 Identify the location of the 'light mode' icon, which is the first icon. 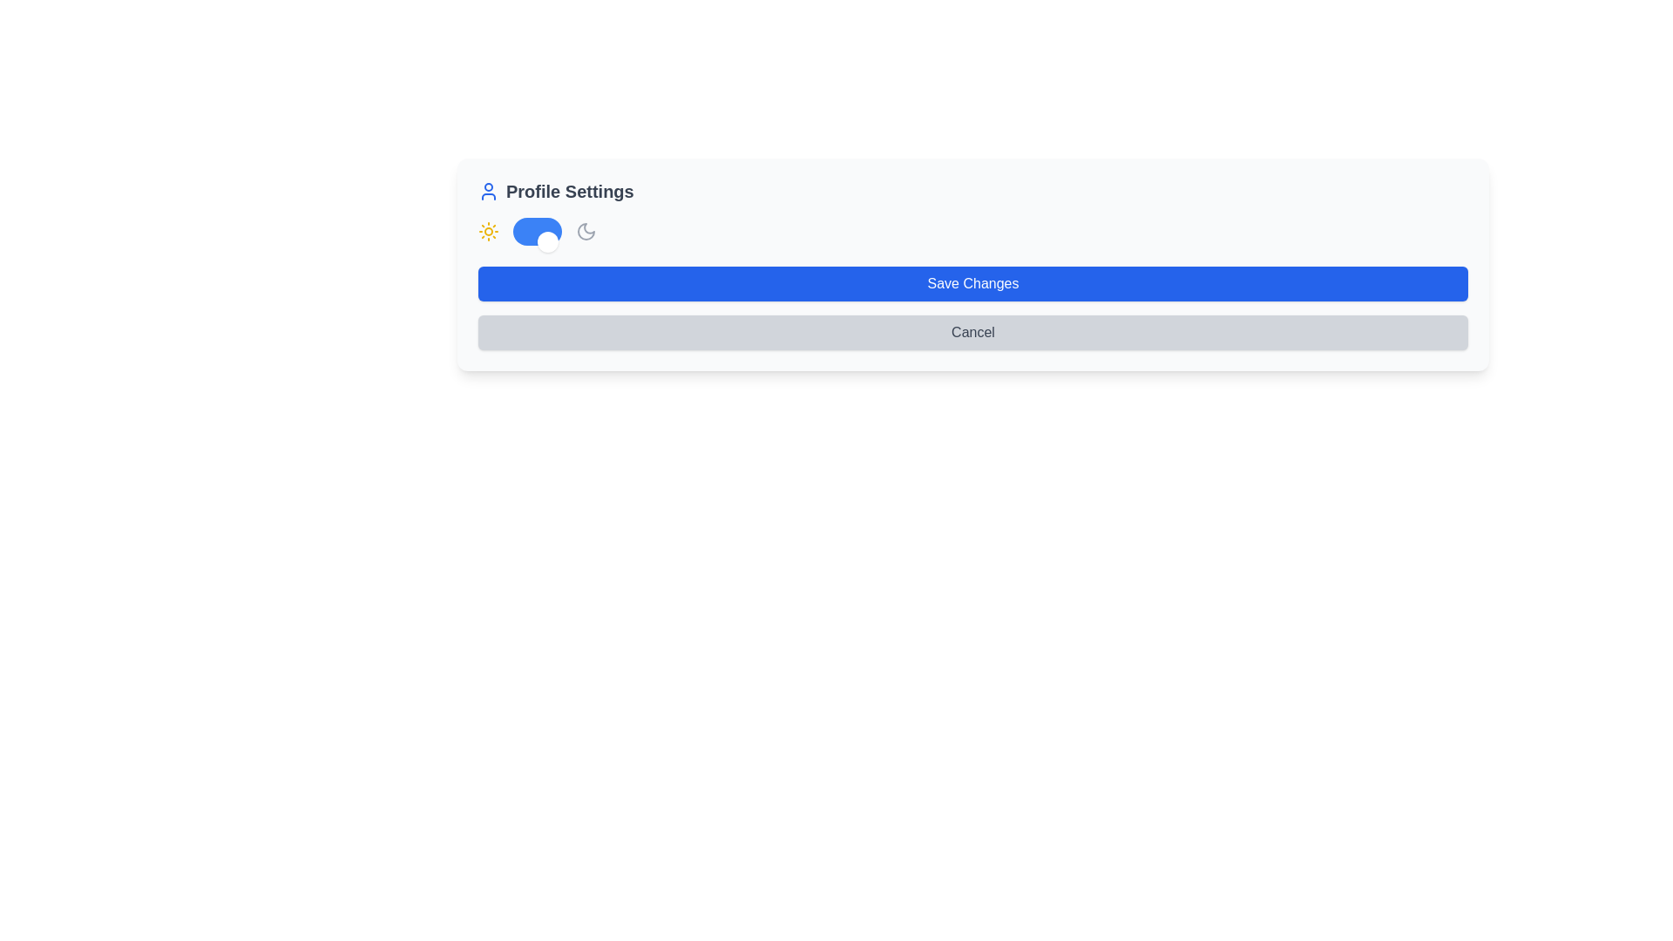
(488, 231).